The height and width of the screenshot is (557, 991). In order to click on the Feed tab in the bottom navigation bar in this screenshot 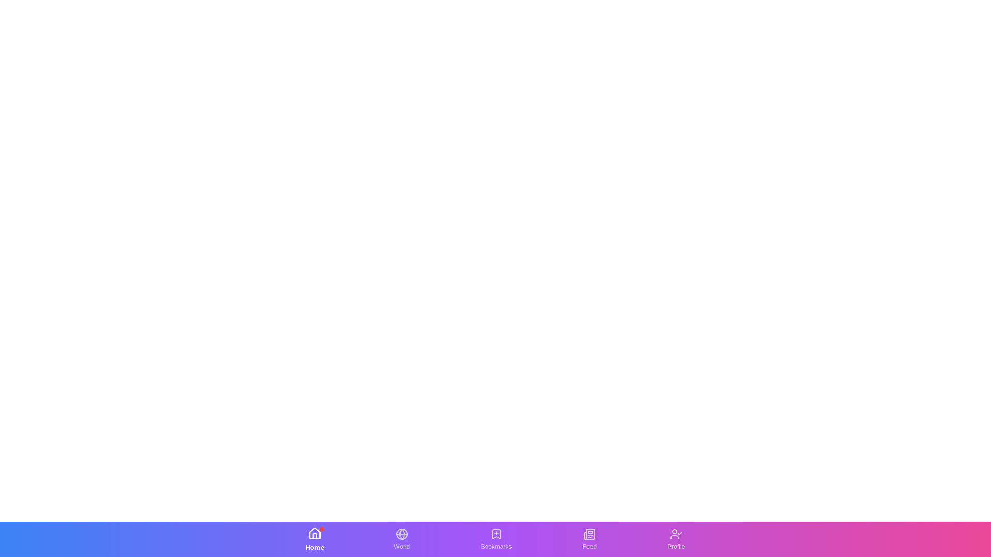, I will do `click(589, 538)`.